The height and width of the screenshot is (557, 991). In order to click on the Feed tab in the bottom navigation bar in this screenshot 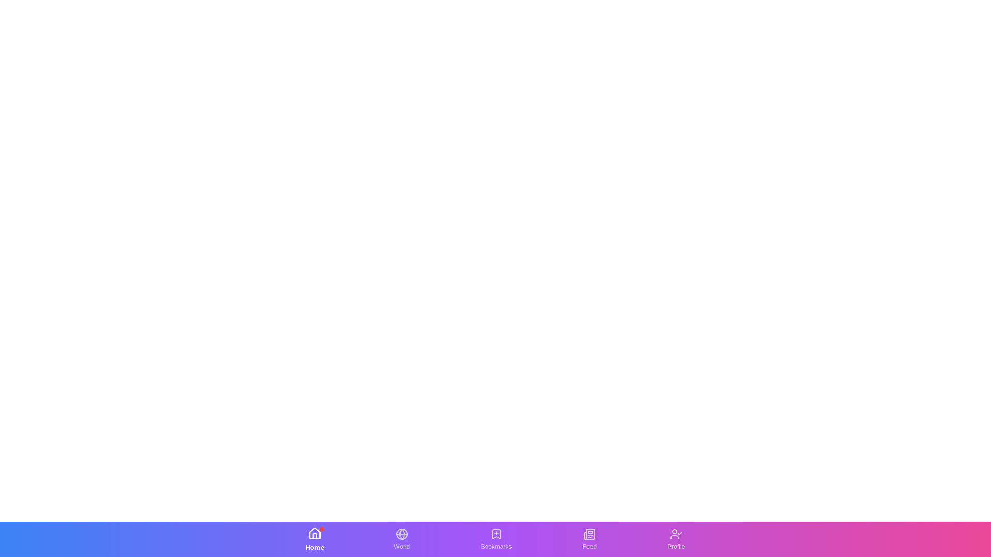, I will do `click(589, 538)`.